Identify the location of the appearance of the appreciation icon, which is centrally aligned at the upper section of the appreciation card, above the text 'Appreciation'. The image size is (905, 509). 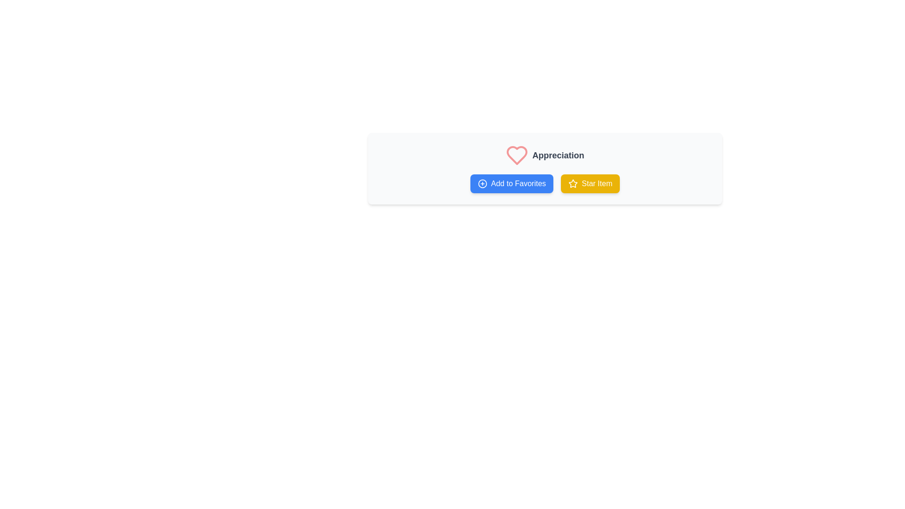
(517, 155).